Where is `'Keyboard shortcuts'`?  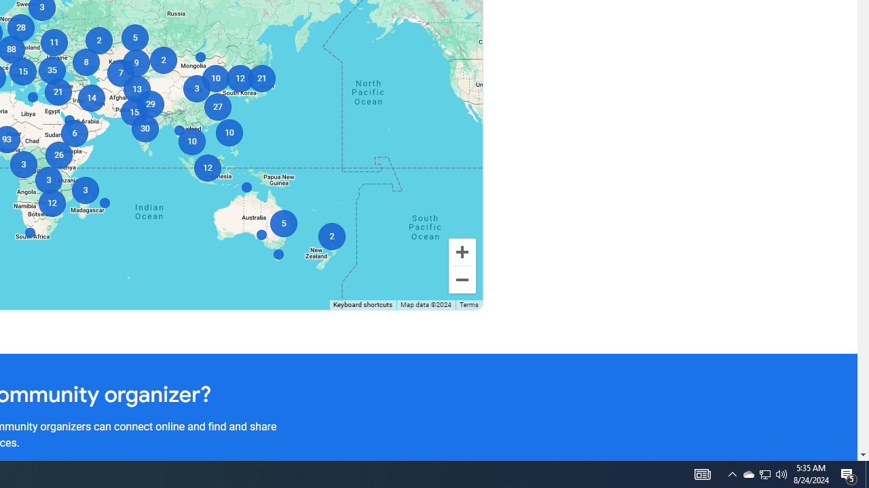
'Keyboard shortcuts' is located at coordinates (363, 305).